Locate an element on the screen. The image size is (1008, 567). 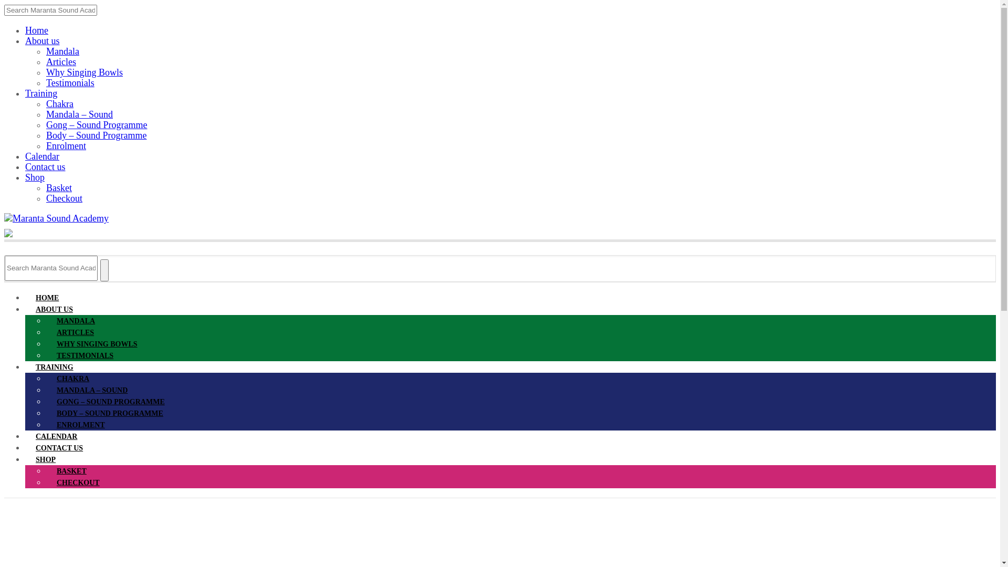
'MANDALA' is located at coordinates (75, 320).